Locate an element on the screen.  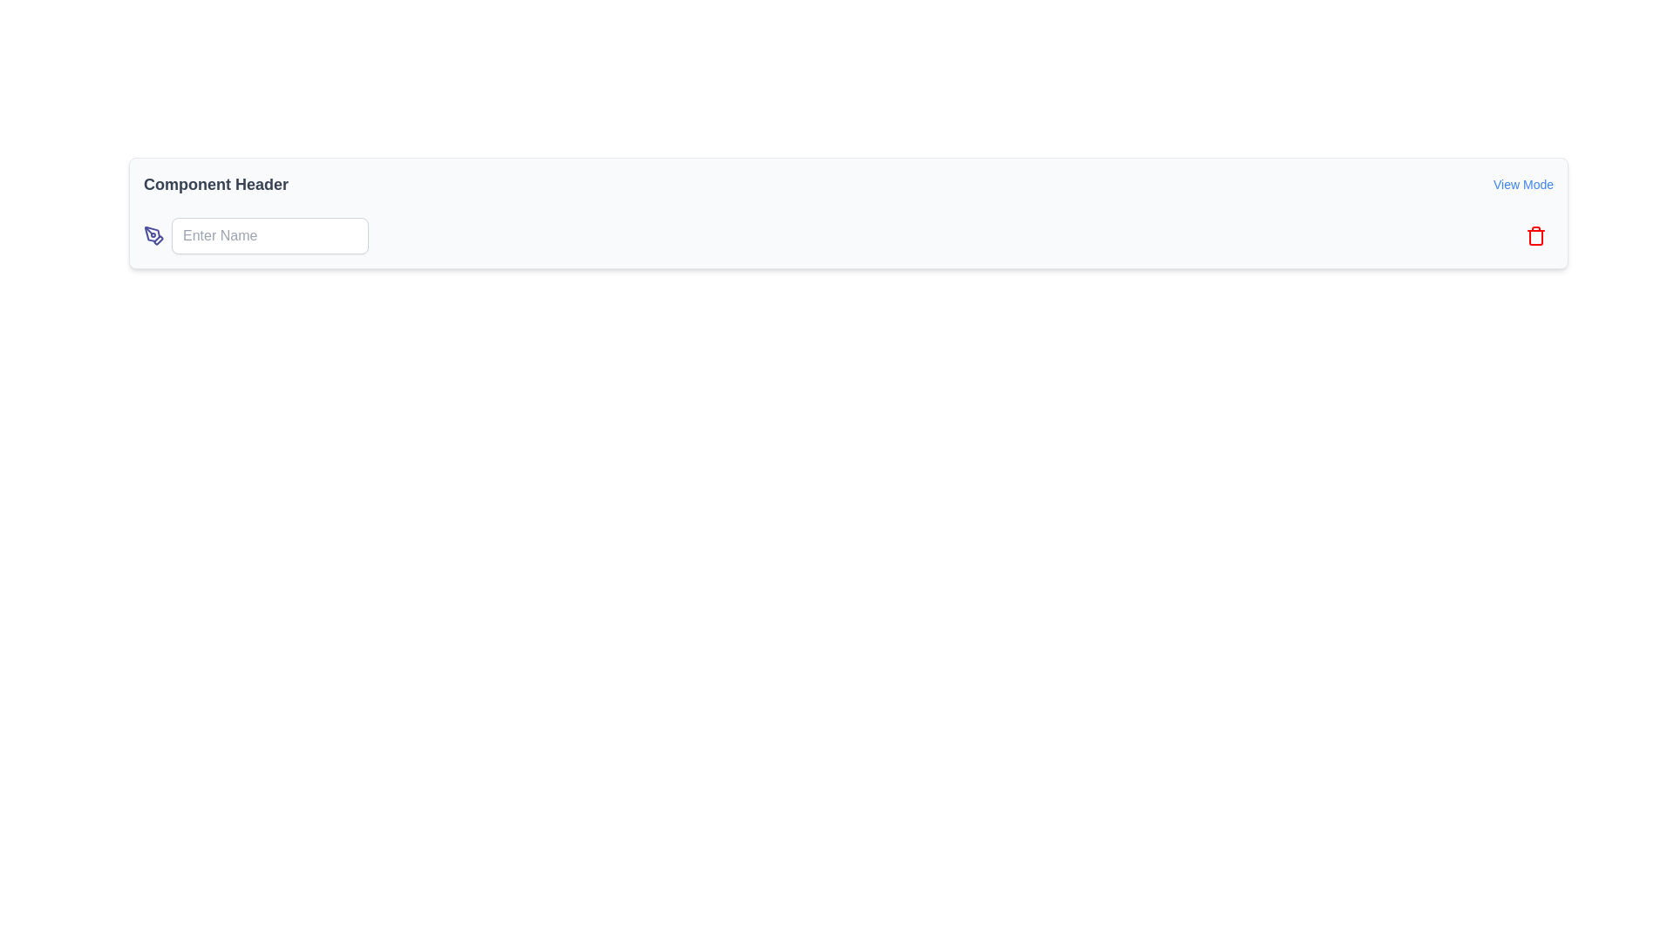
the trash bin icon button, outlined in red, located in the upper-right corner of the interface is located at coordinates (1535, 235).